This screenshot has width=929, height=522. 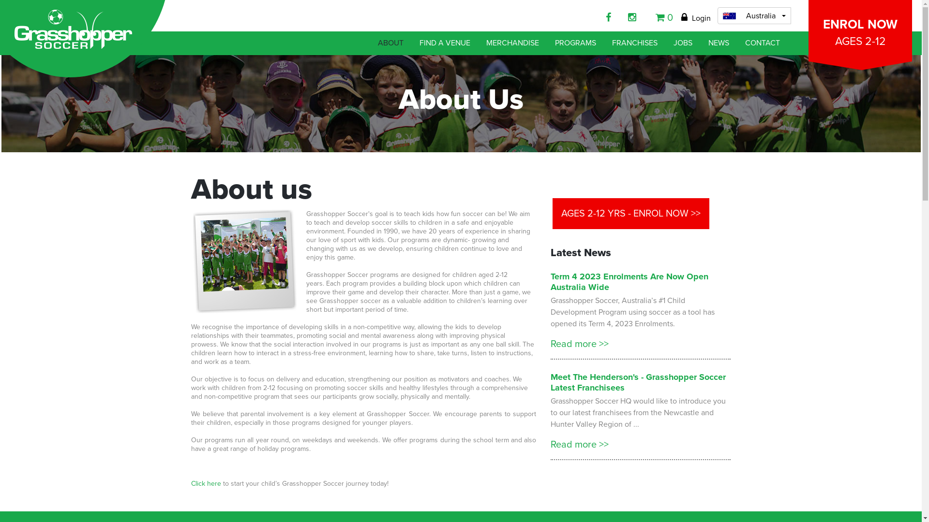 What do you see at coordinates (631, 213) in the screenshot?
I see `'AGES 2-12 YRS - ENROL NOW >>'` at bounding box center [631, 213].